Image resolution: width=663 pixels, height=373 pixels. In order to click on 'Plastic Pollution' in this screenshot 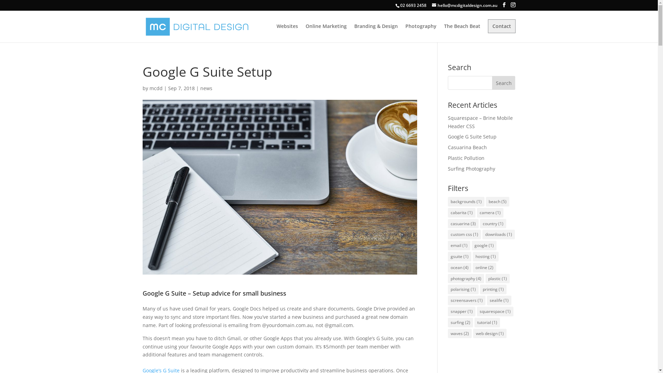, I will do `click(466, 158)`.